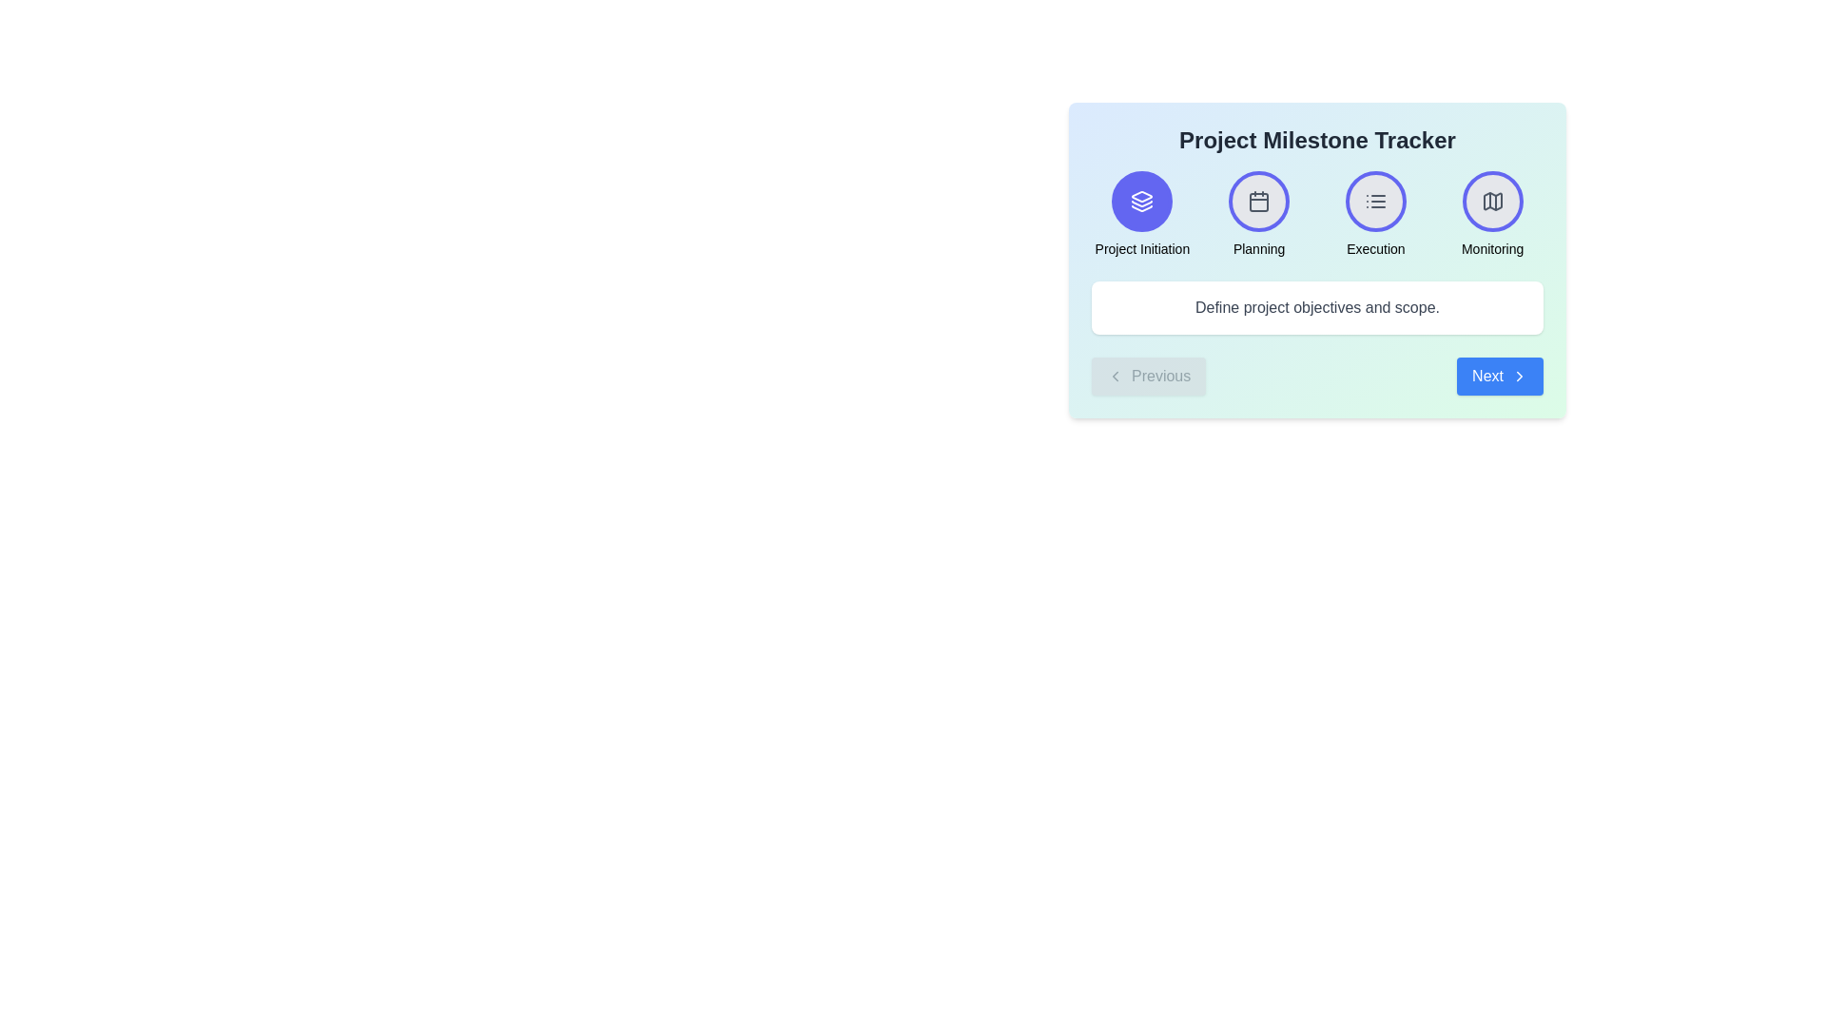  What do you see at coordinates (1316, 307) in the screenshot?
I see `the text block that says 'Define project objectives and scope.' which is located below the project icons and above the navigation buttons in the 'Project Milestone Tracker' panel` at bounding box center [1316, 307].